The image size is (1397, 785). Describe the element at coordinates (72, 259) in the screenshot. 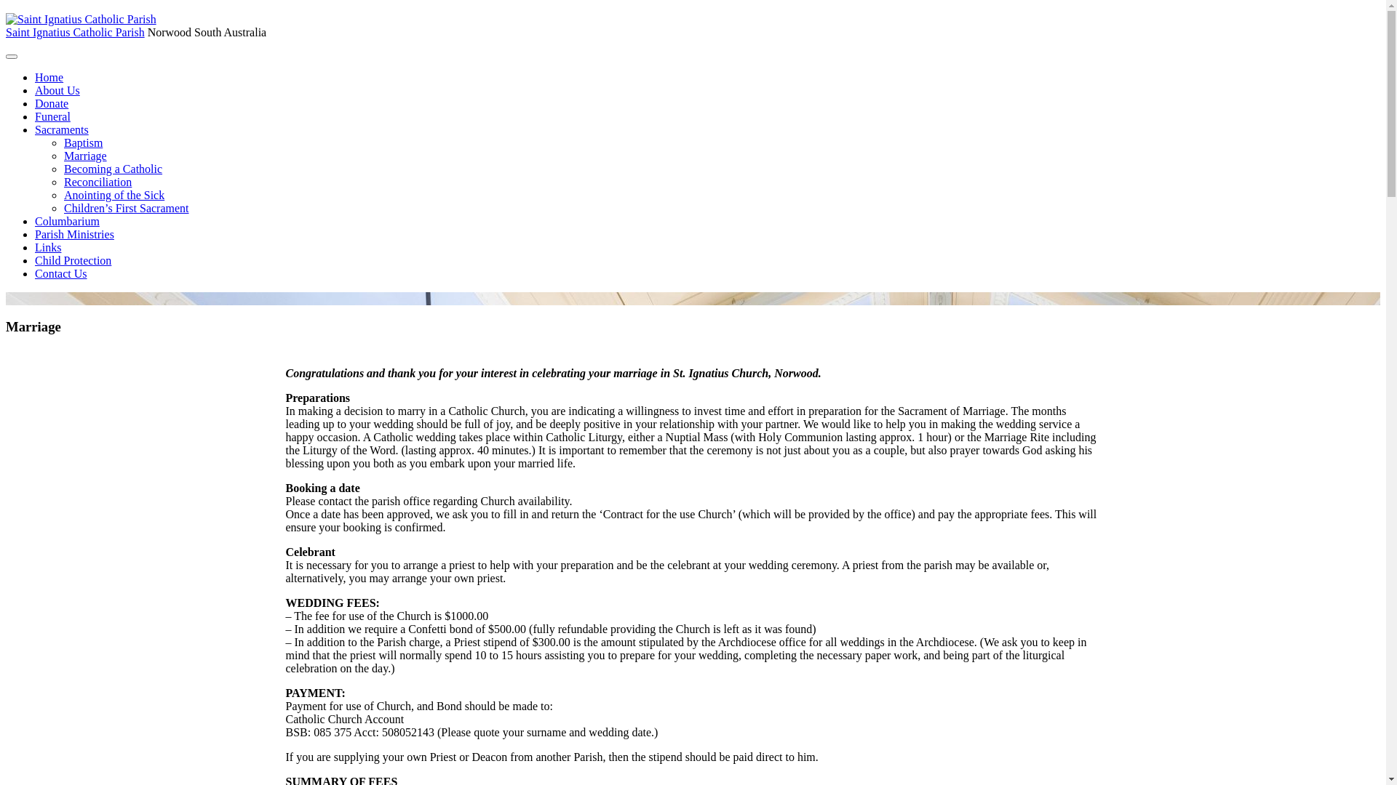

I see `'Child Protection'` at that location.